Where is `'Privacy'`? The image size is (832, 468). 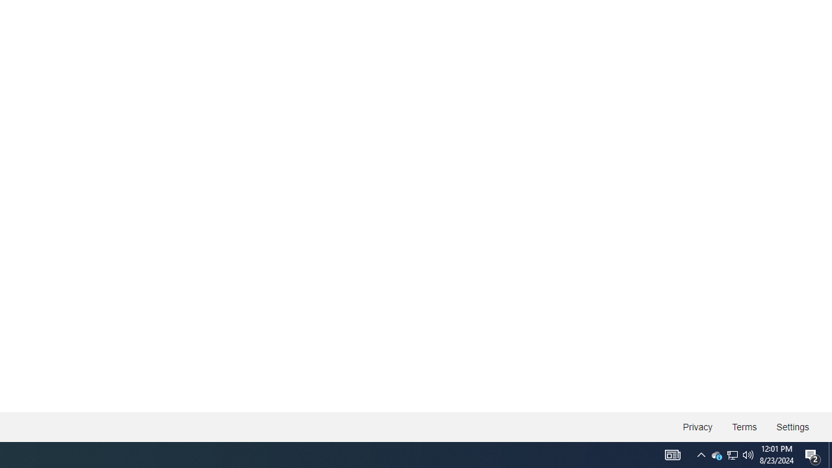
'Privacy' is located at coordinates (697, 427).